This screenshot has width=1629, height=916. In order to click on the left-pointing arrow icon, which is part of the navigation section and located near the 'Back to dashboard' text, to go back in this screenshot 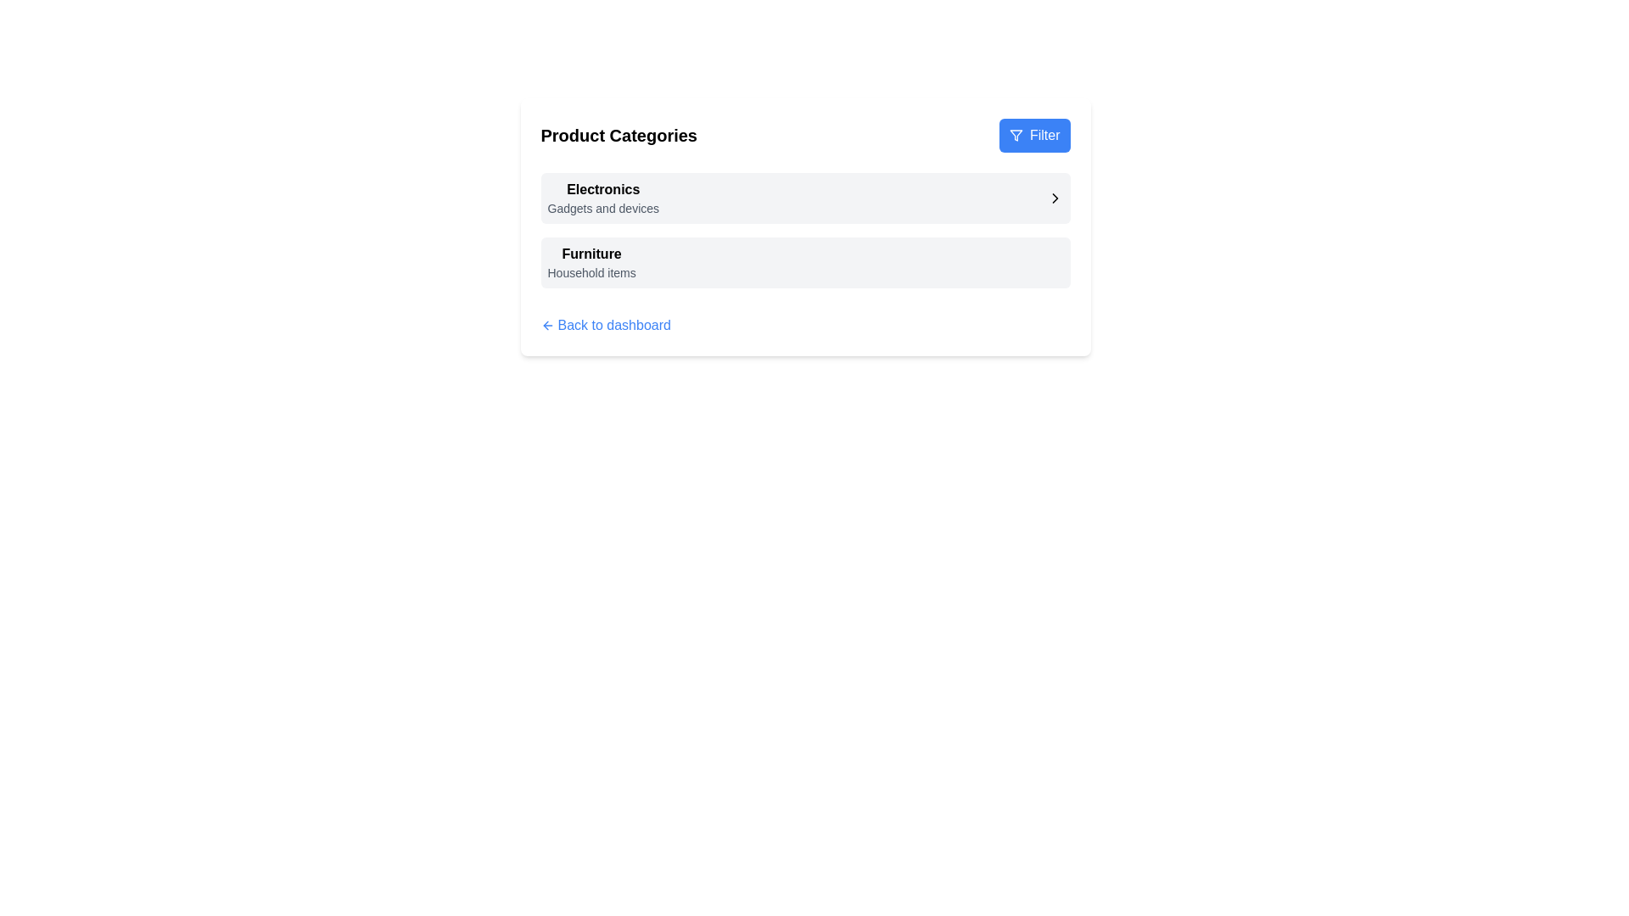, I will do `click(546, 326)`.